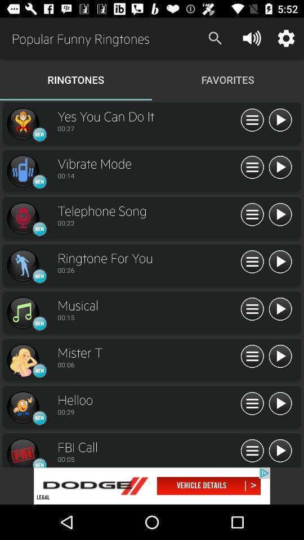 This screenshot has width=304, height=540. I want to click on opens a menu, so click(252, 451).